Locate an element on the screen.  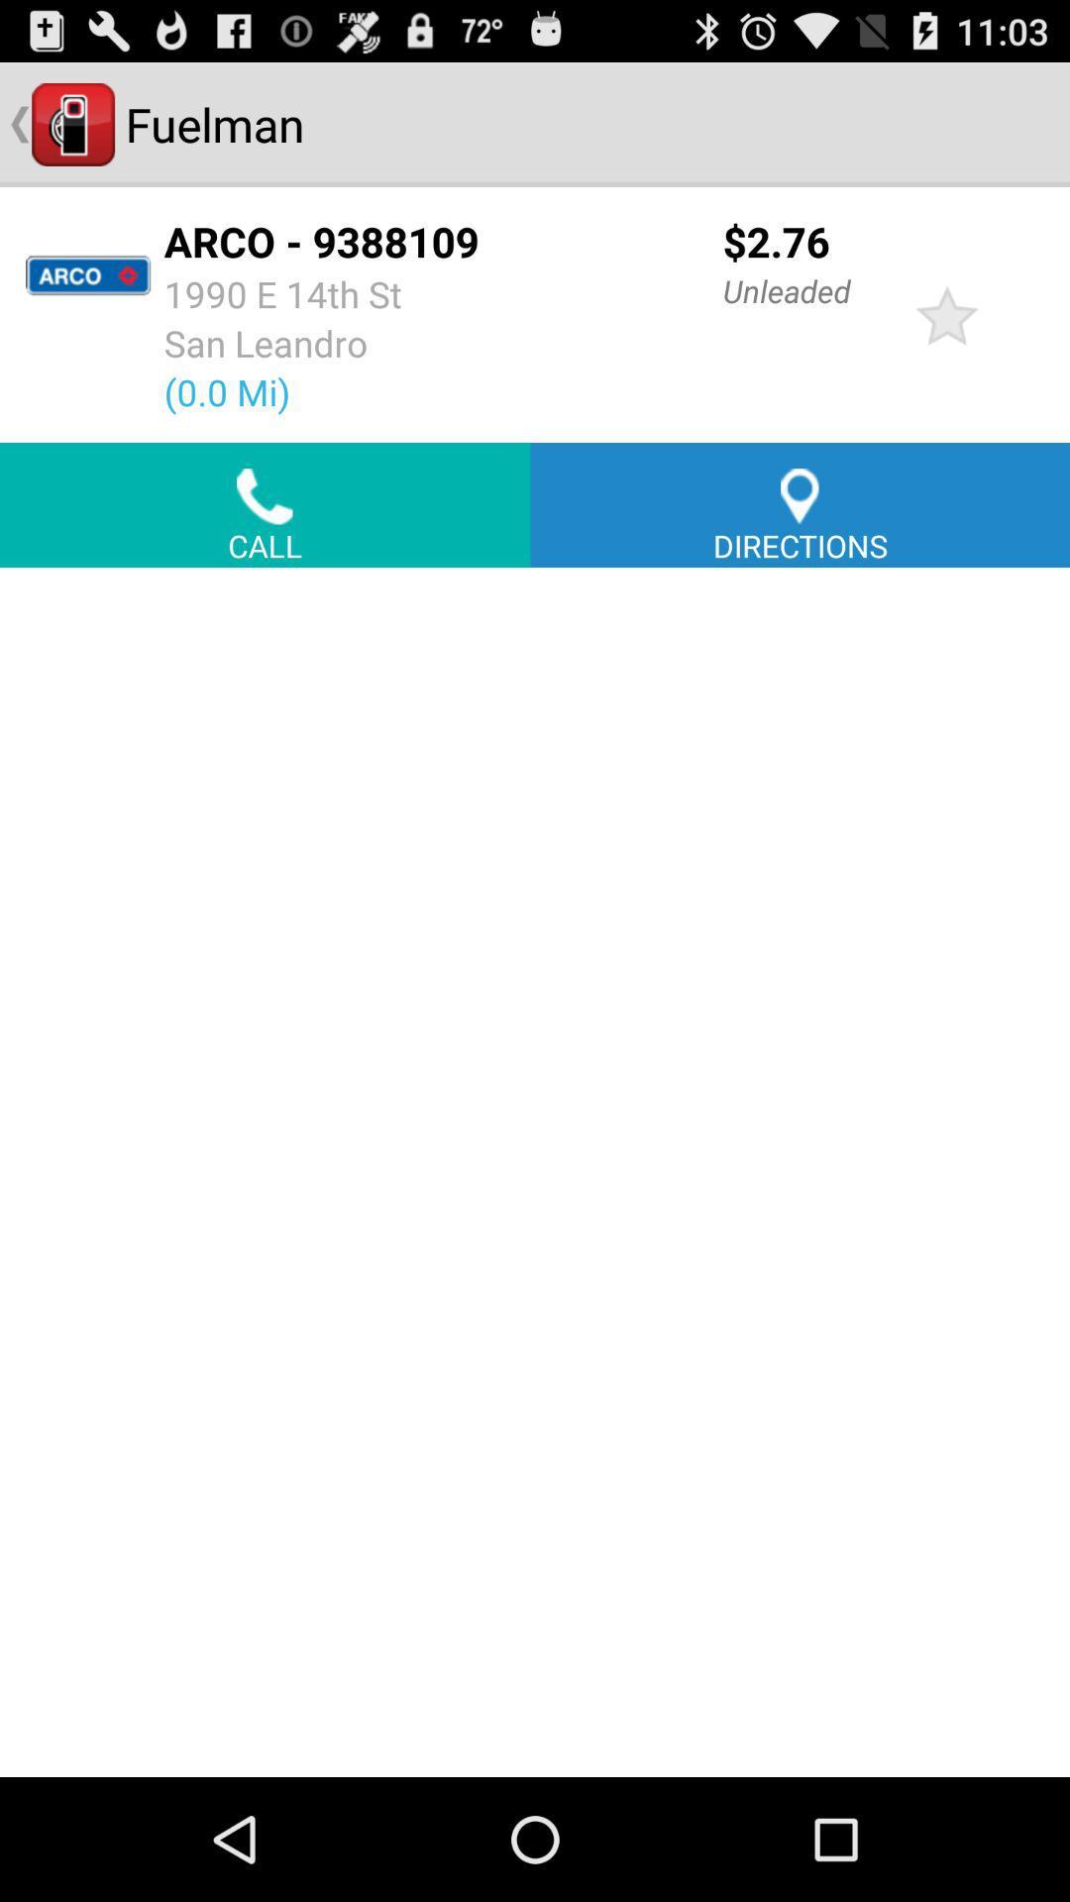
blank option is located at coordinates (535, 1172).